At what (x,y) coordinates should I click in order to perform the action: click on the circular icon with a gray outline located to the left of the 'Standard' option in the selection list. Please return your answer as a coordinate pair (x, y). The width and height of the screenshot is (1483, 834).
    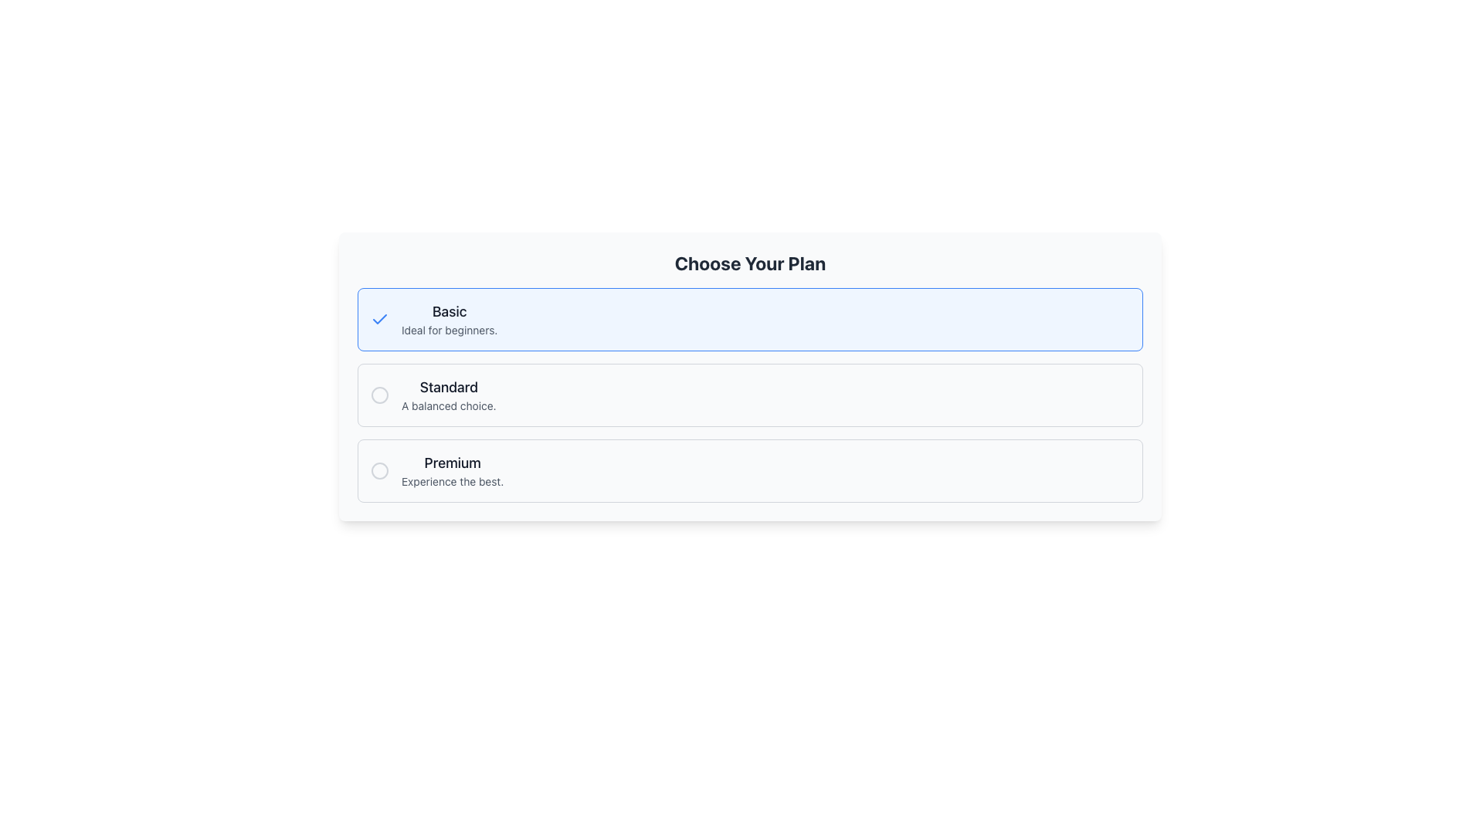
    Looking at the image, I should click on (379, 395).